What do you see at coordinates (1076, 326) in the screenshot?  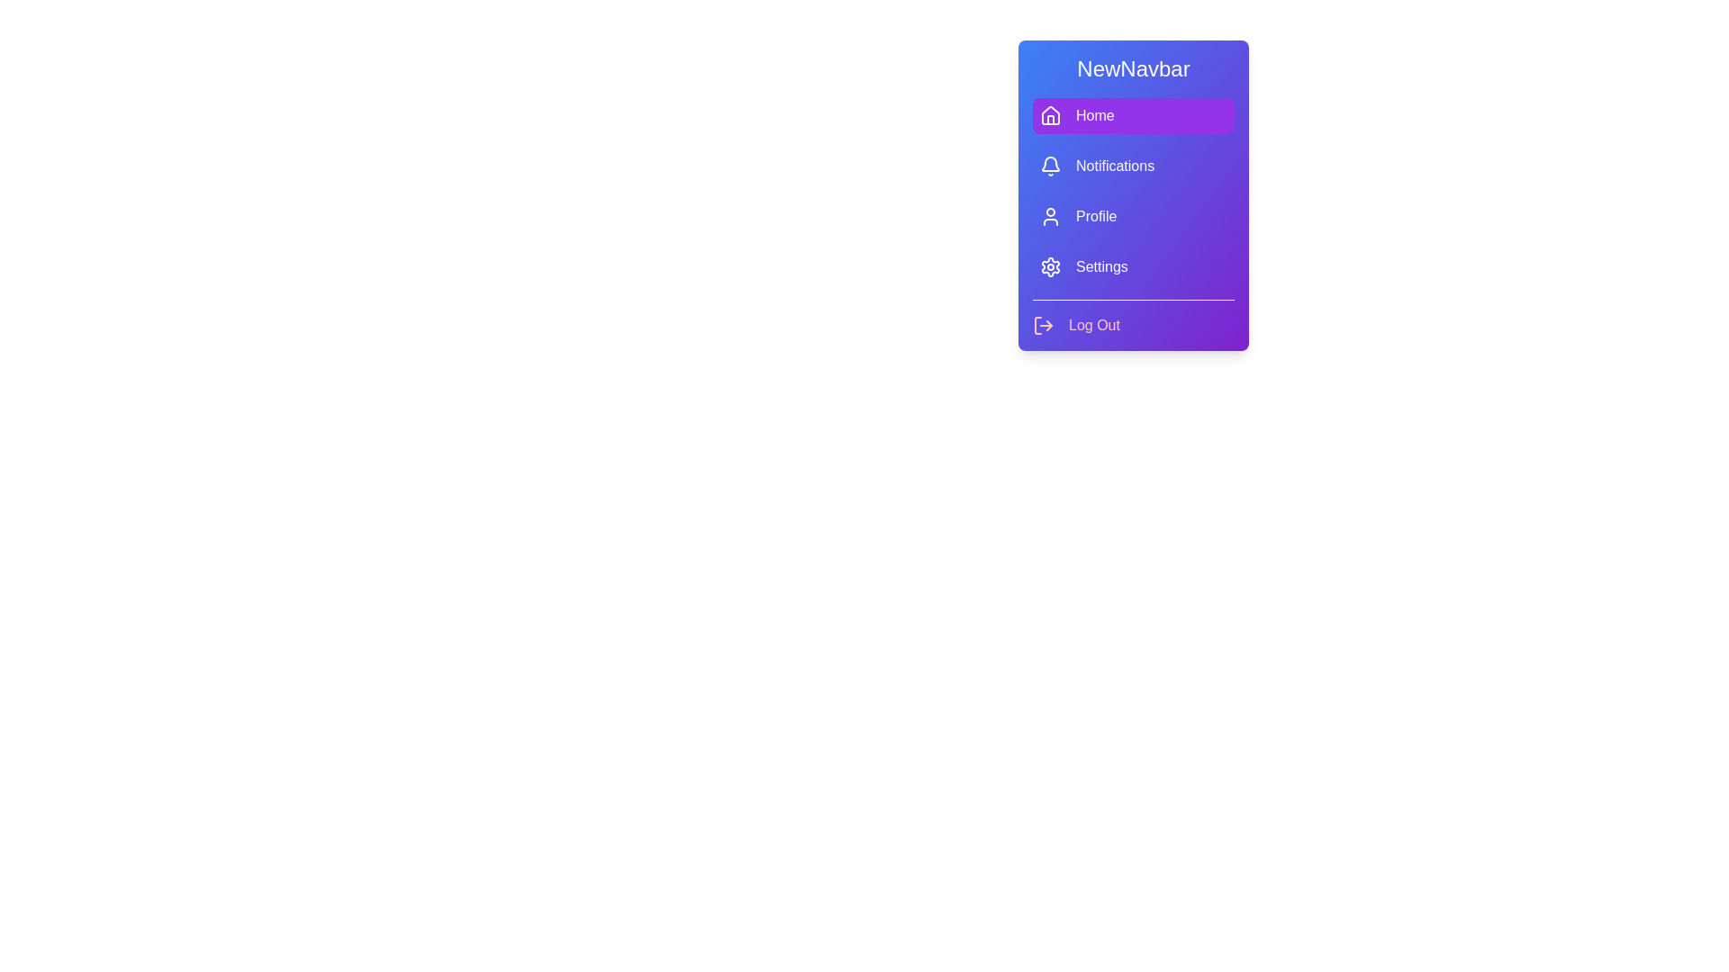 I see `the log out button located at the bottom of the menu to change its color` at bounding box center [1076, 326].